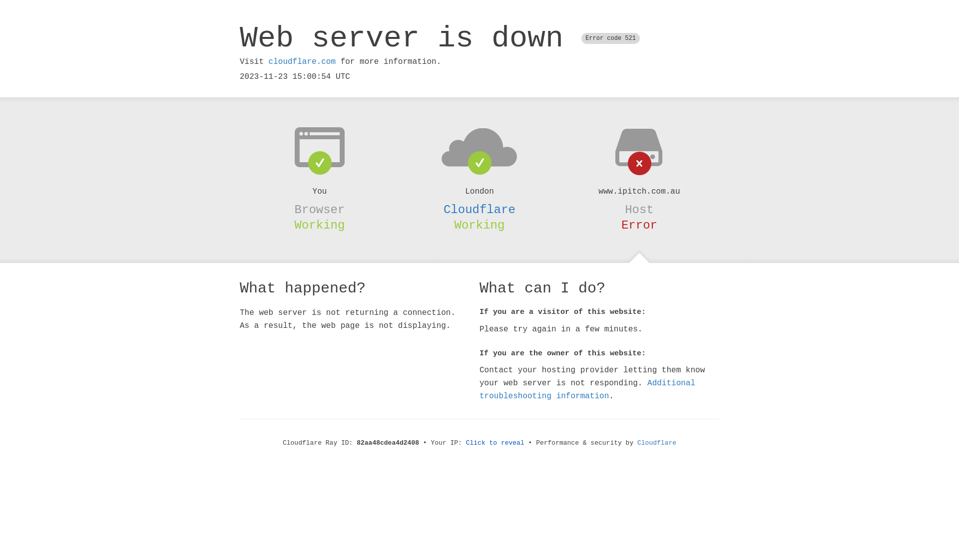 This screenshot has height=539, width=959. Describe the element at coordinates (301, 61) in the screenshot. I see `'cloudflare.com'` at that location.